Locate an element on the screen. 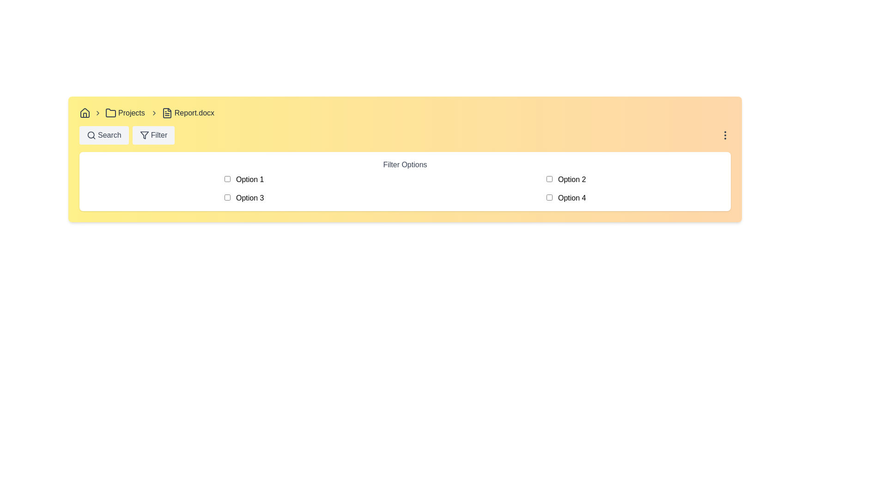 The width and height of the screenshot is (887, 499). the text label displaying 'Projects' in dark gray color, which is part of the breadcrumb navigation bar and is positioned between a folder icon and a rightward arrow icon is located at coordinates (131, 113).